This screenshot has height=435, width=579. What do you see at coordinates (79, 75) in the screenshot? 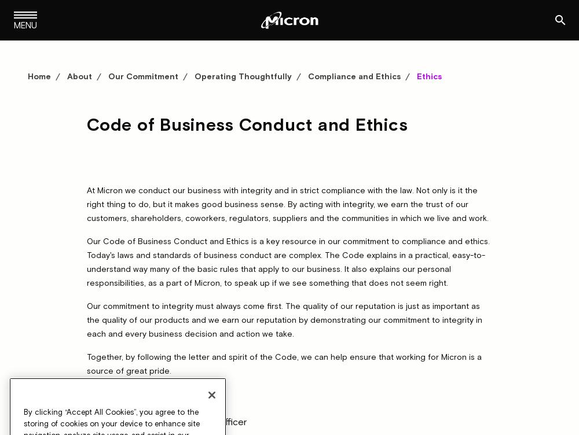
I see `'About'` at bounding box center [79, 75].